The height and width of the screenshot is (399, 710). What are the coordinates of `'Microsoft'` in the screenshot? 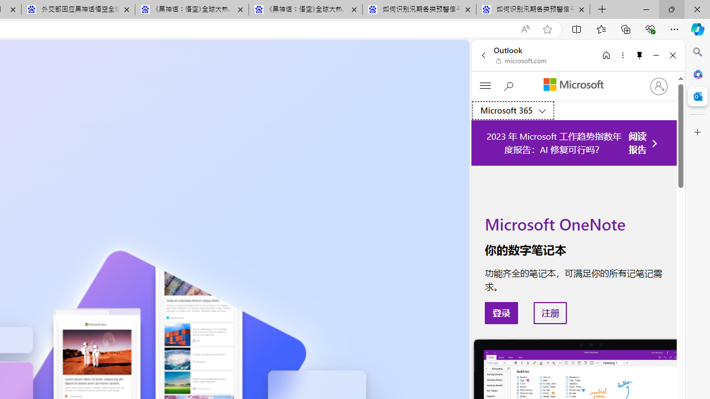 It's located at (573, 84).